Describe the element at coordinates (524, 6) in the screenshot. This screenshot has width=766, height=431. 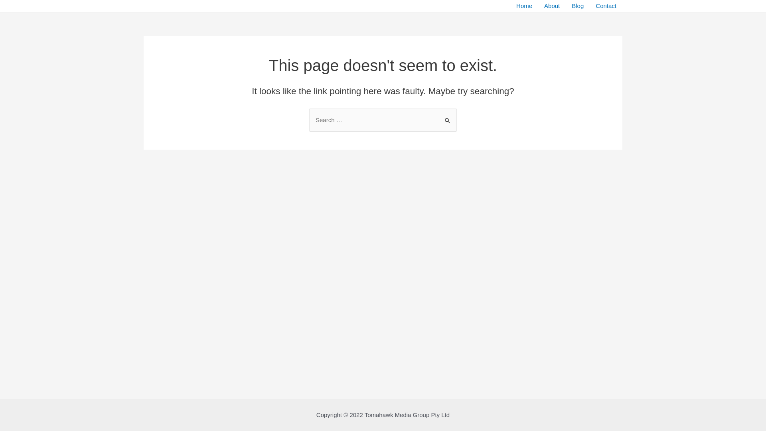
I see `'Home'` at that location.